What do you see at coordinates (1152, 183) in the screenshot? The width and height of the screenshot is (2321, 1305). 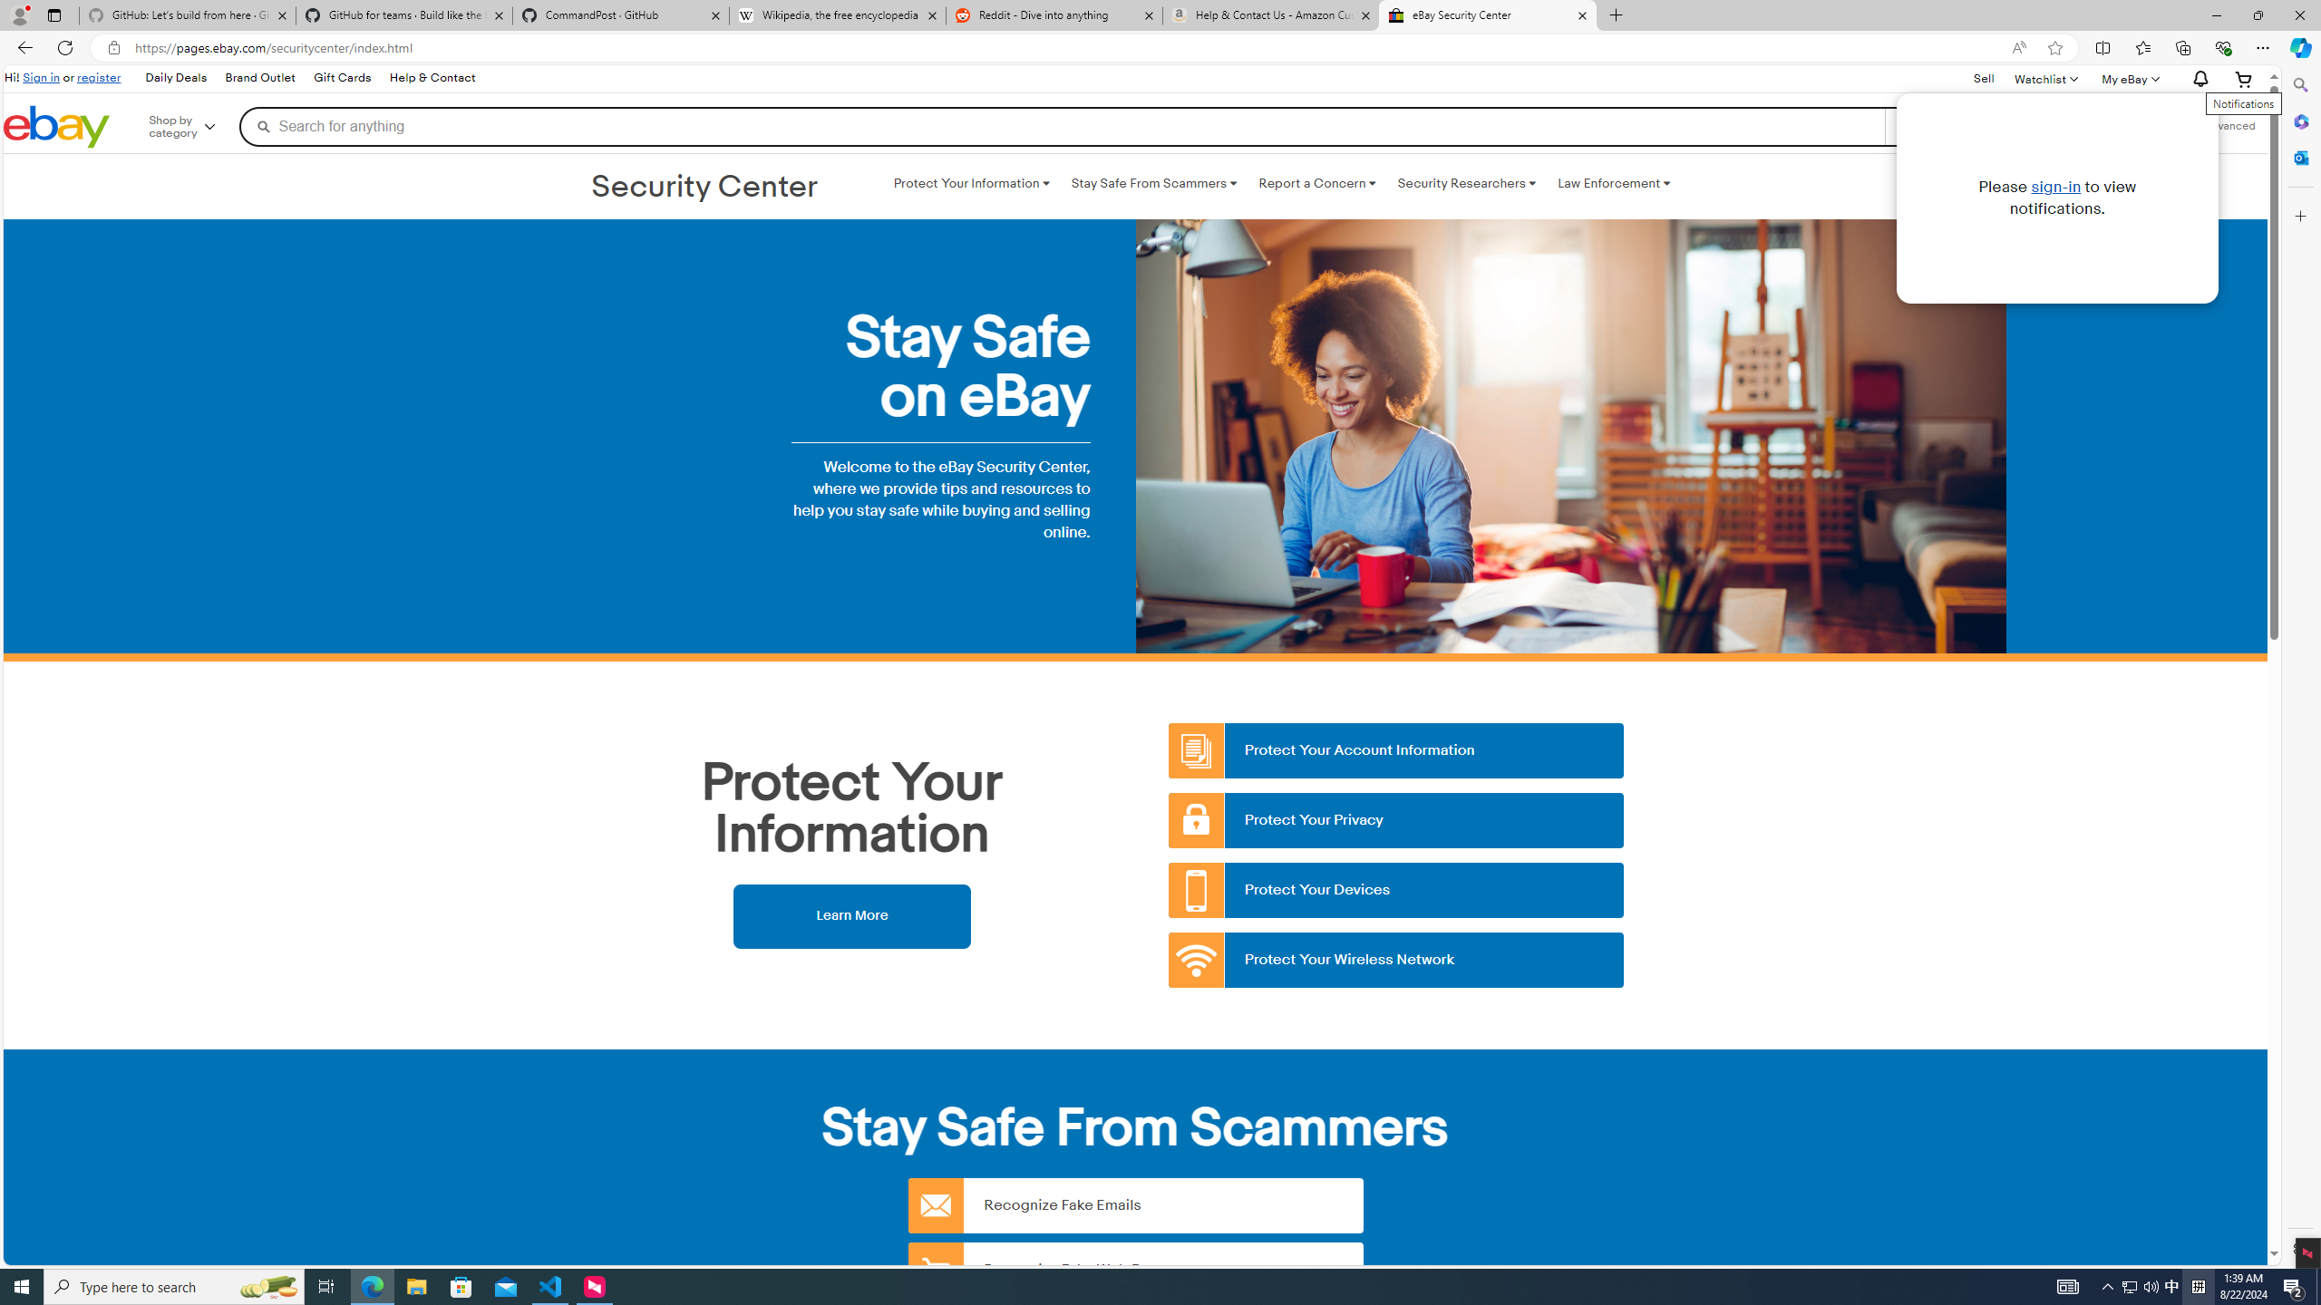 I see `'Stay Safe From Scammers '` at bounding box center [1152, 183].